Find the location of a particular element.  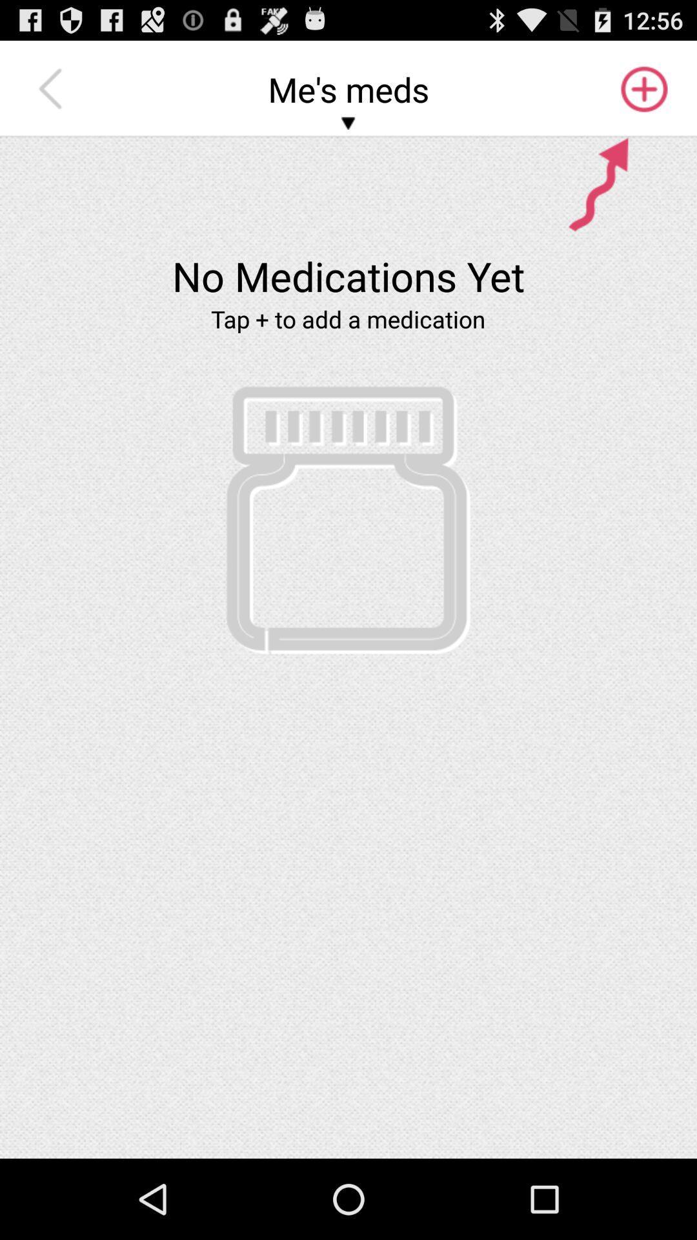

the icon next to me's meds is located at coordinates (53, 88).